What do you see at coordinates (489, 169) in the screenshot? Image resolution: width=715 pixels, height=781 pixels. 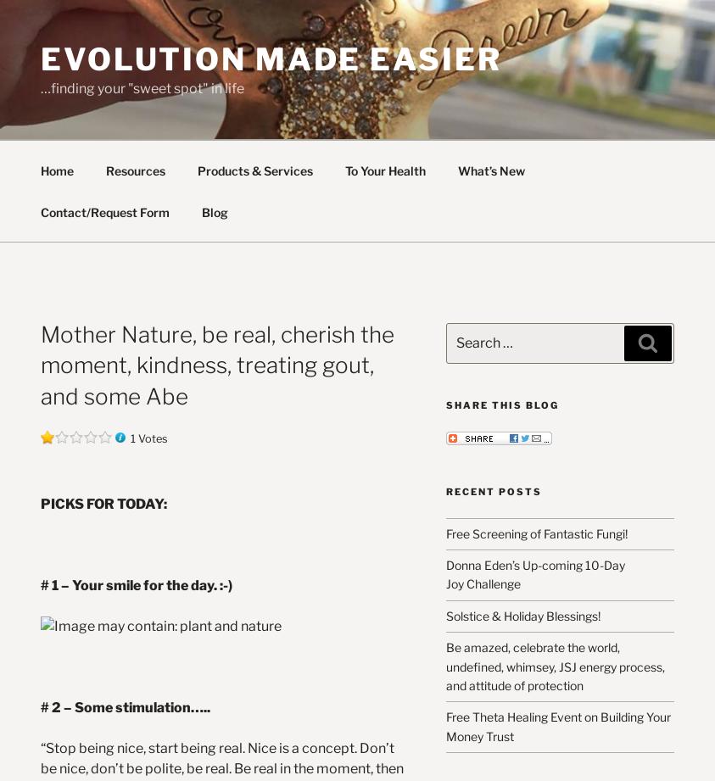 I see `'What’s New'` at bounding box center [489, 169].